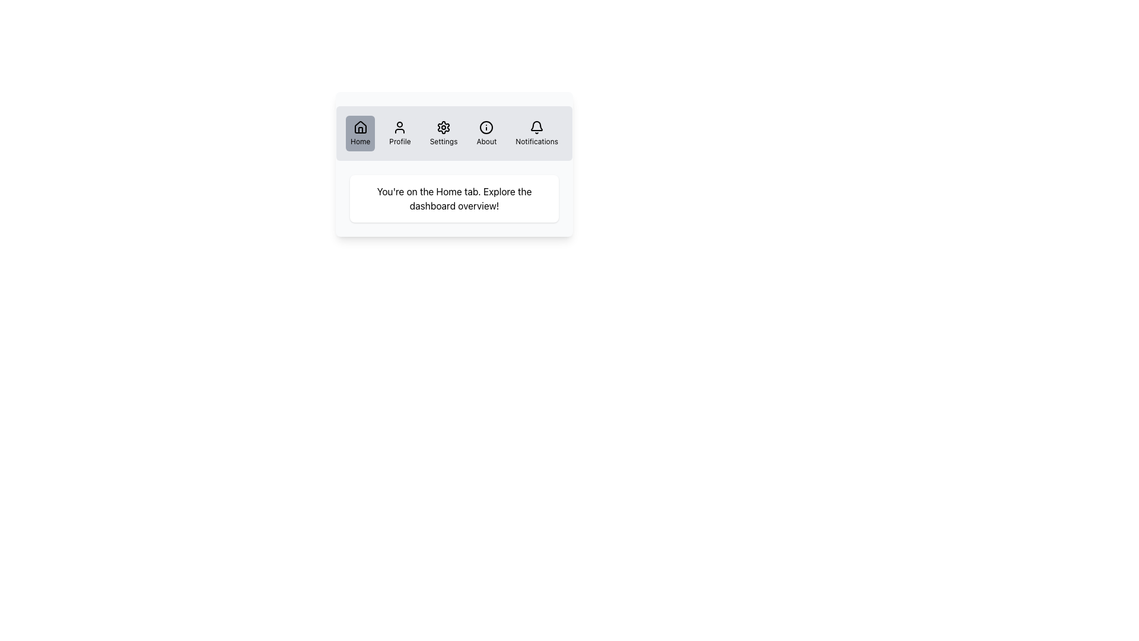  Describe the element at coordinates (486, 133) in the screenshot. I see `the 'About' button, which is a rectangular button with rounded corners and a light gray background` at that location.